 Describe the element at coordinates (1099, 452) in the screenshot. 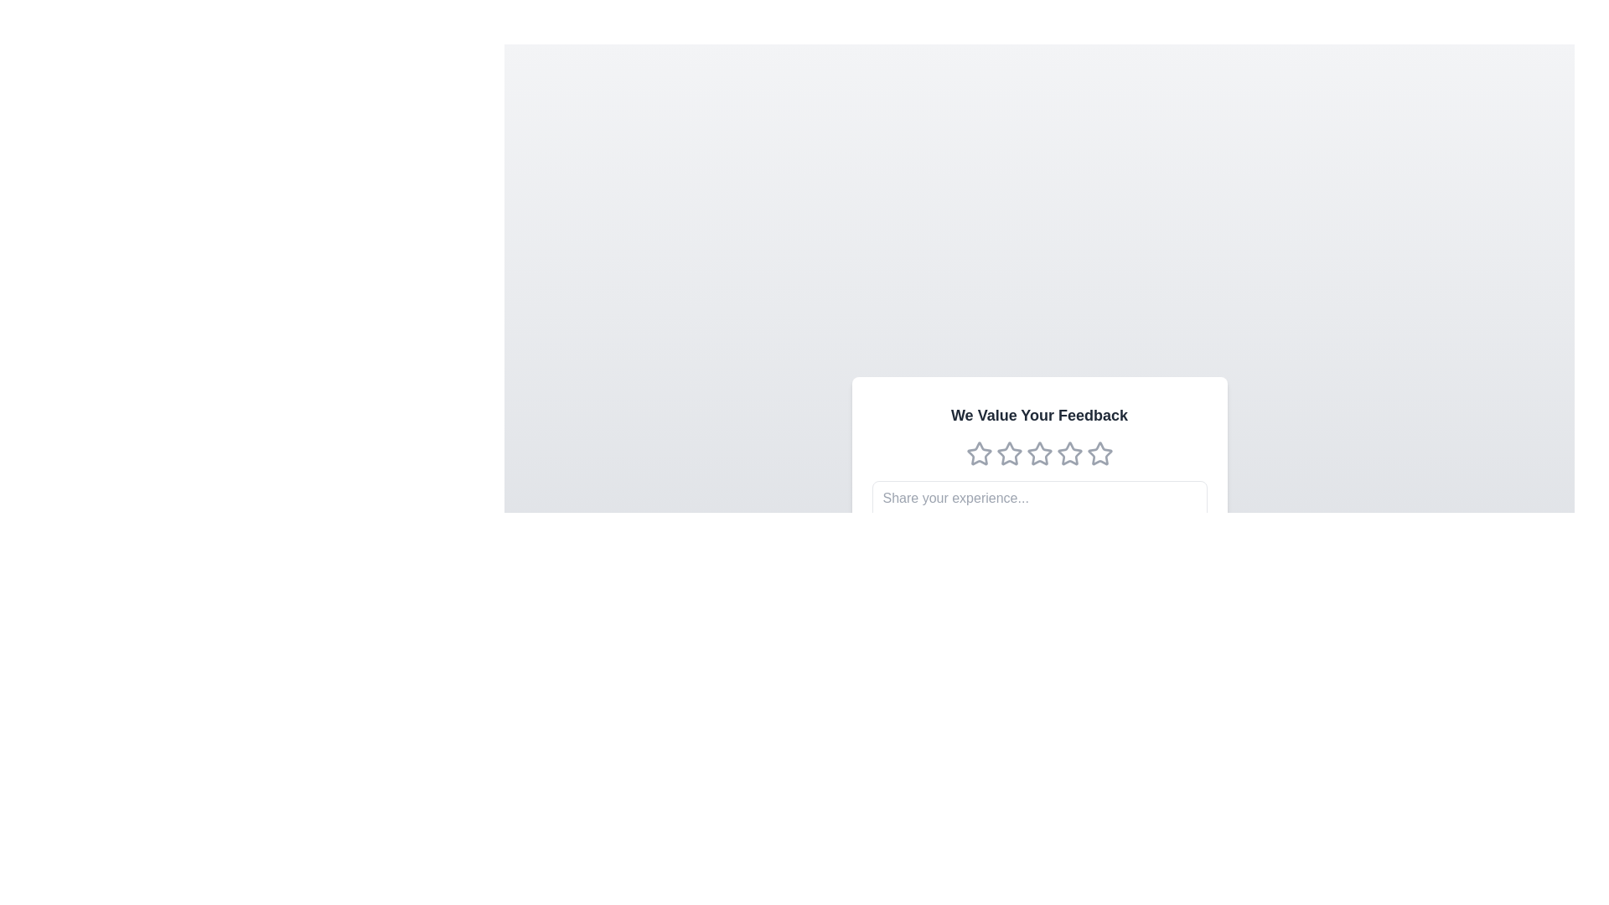

I see `the fifth star-shaped rating icon with a gray outline located below the text 'We Value Your Feedback'` at that location.